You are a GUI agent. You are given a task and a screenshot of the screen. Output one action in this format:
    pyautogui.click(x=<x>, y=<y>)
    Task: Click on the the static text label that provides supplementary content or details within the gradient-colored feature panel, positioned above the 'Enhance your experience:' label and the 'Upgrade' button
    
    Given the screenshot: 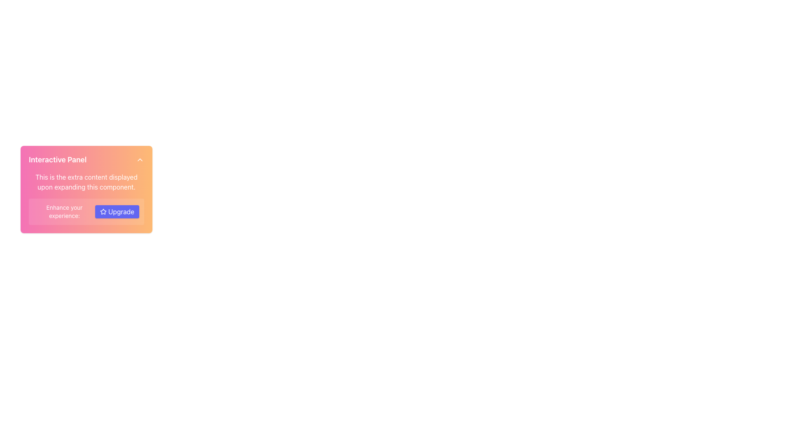 What is the action you would take?
    pyautogui.click(x=87, y=182)
    